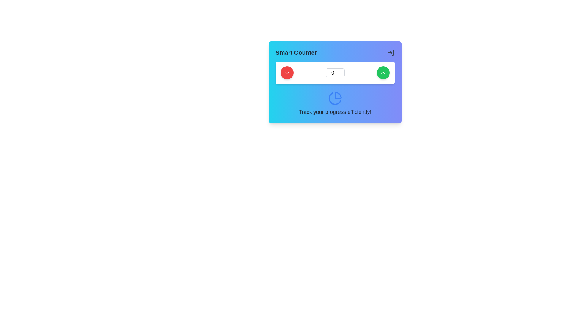 This screenshot has width=570, height=321. Describe the element at coordinates (383, 73) in the screenshot. I see `the upward Chevron Icon located at the center of the circular button in the top-right corner of the Smart Counter card` at that location.